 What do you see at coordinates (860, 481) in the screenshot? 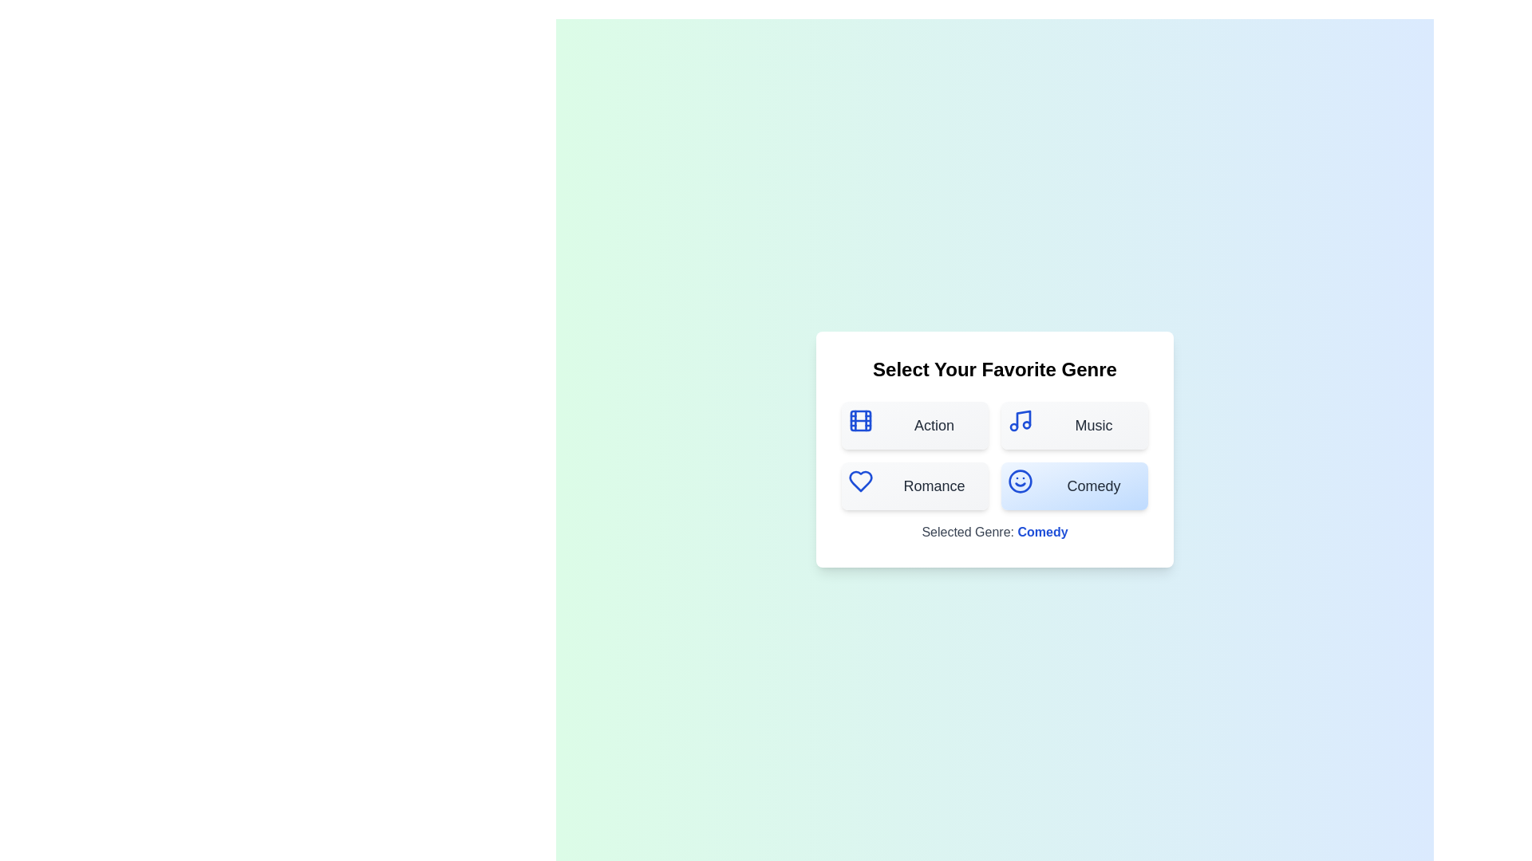
I see `the heart-shaped icon outline with a blue stroke located in the card titled 'Select Your Favorite Genre', positioned in the second row, first column to the left of the 'Romance' label` at bounding box center [860, 481].